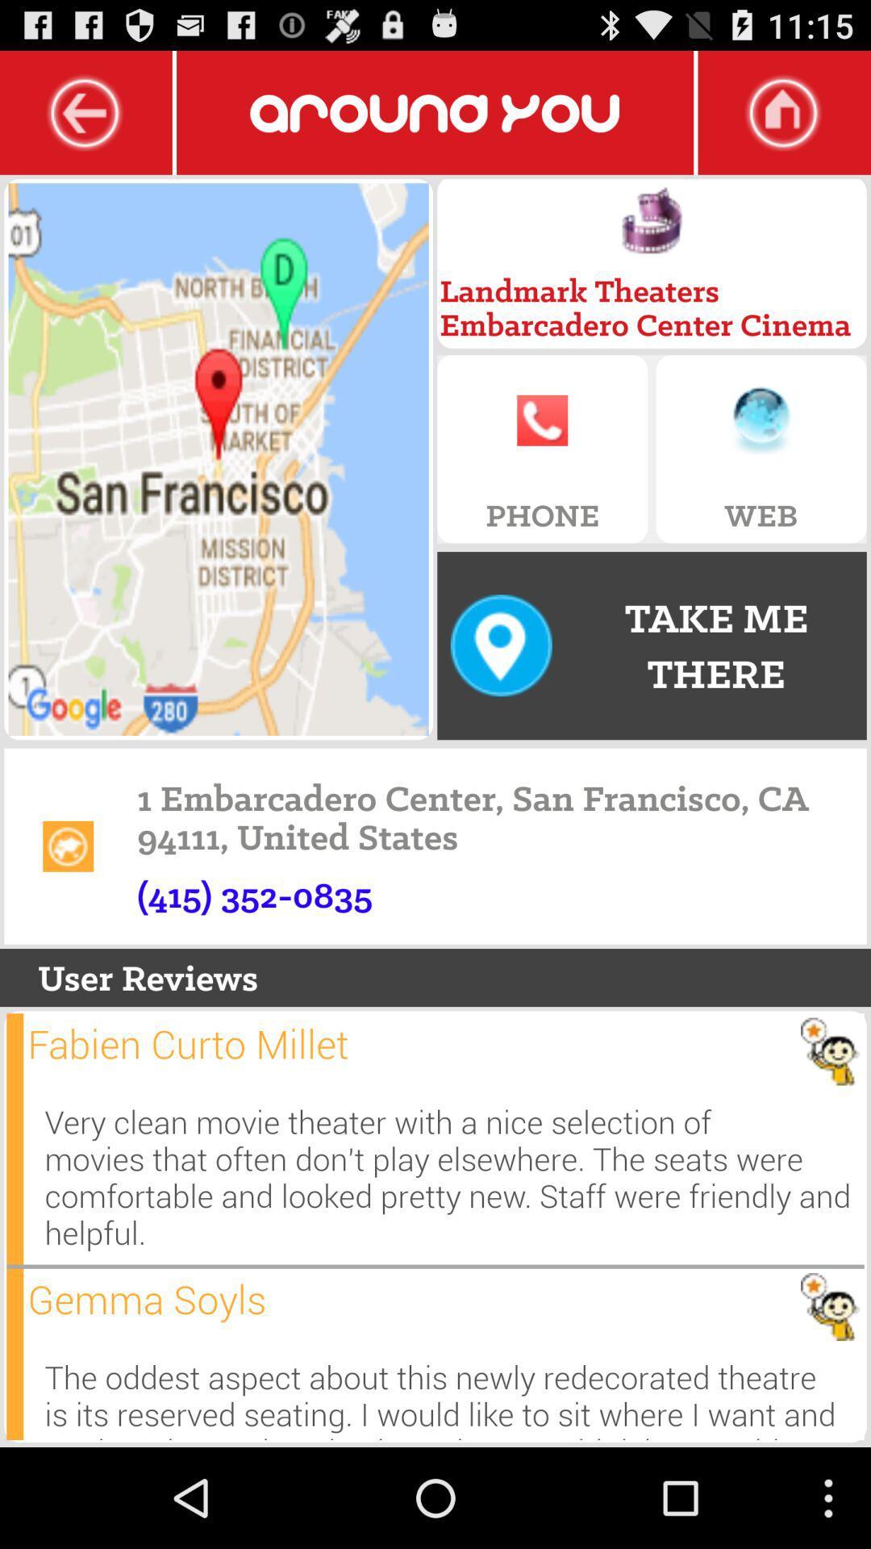 The height and width of the screenshot is (1549, 871). What do you see at coordinates (652, 220) in the screenshot?
I see `the image below the landmark theaters` at bounding box center [652, 220].